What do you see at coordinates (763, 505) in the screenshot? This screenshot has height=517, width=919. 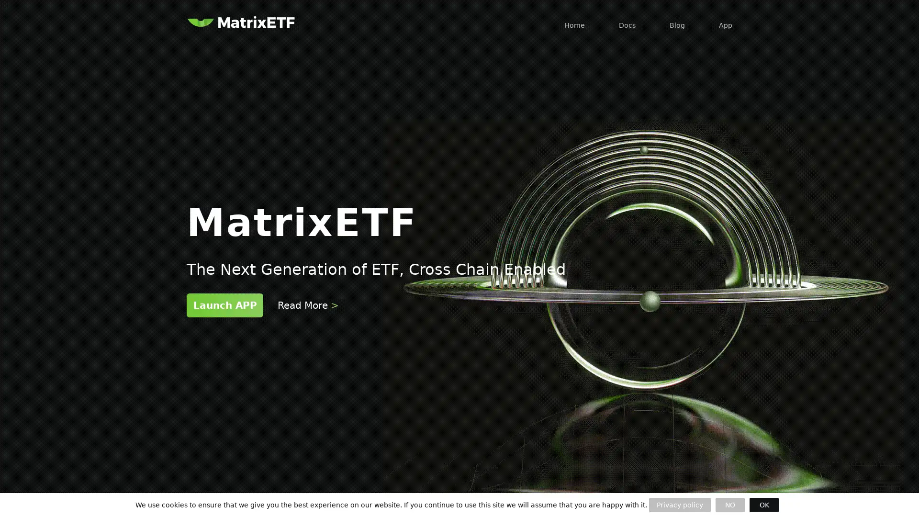 I see `OK` at bounding box center [763, 505].